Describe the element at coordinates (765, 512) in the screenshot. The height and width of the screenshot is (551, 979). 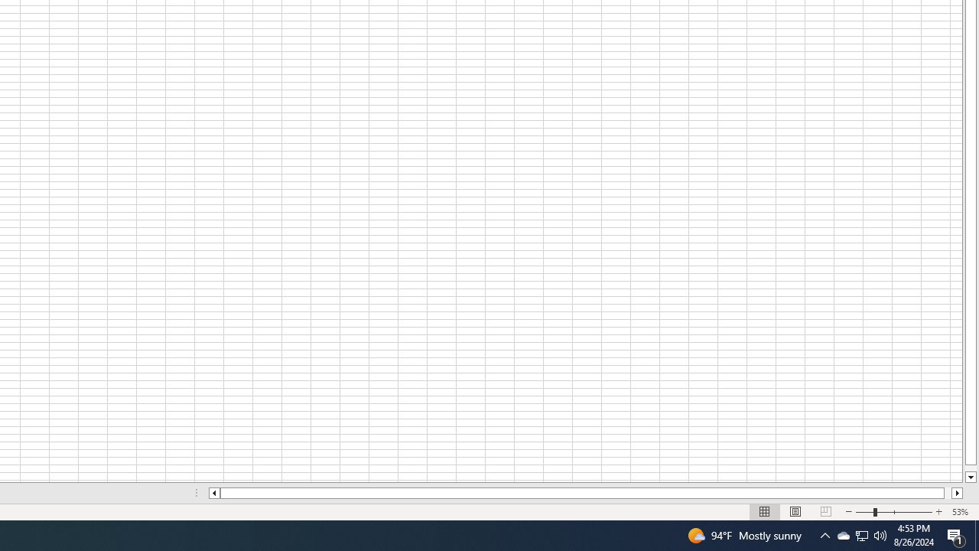
I see `'Normal'` at that location.